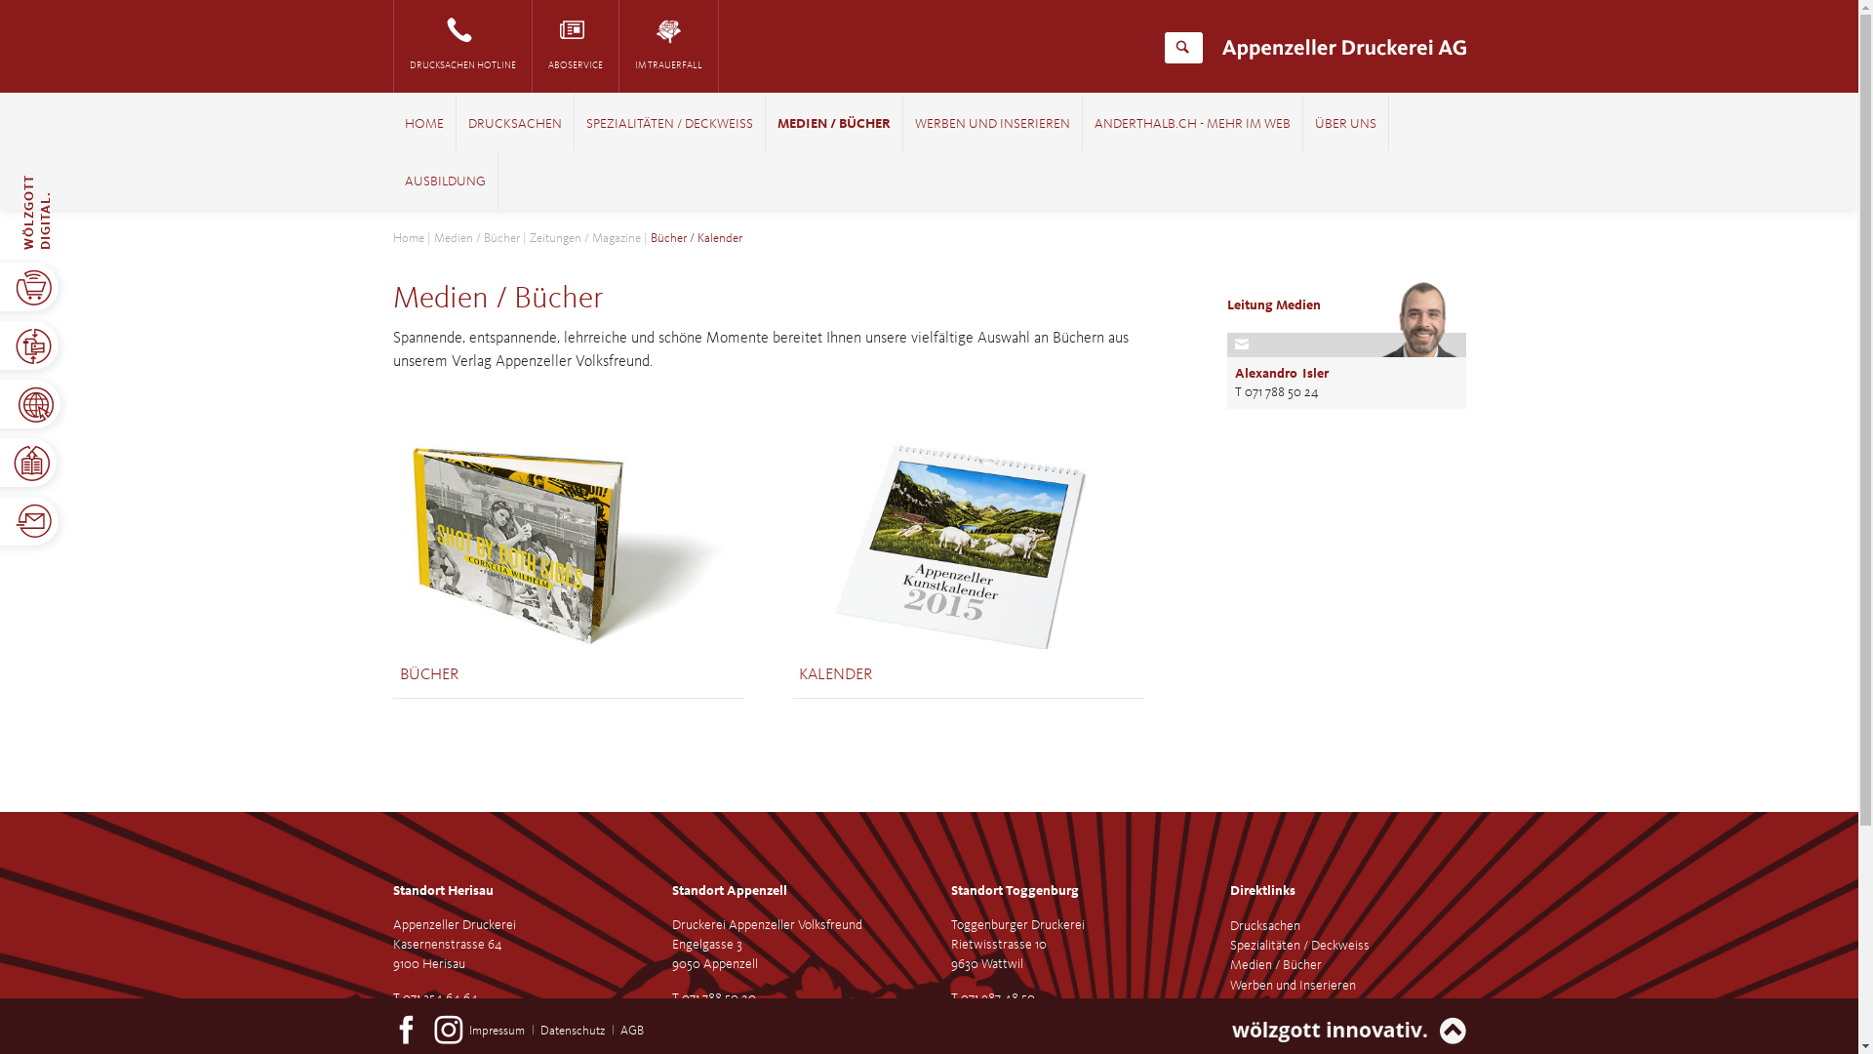  What do you see at coordinates (1181, 47) in the screenshot?
I see `'Suchen'` at bounding box center [1181, 47].